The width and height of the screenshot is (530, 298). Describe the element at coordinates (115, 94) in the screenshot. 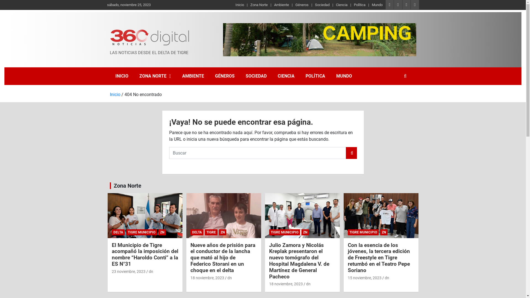

I see `'Inicio'` at that location.